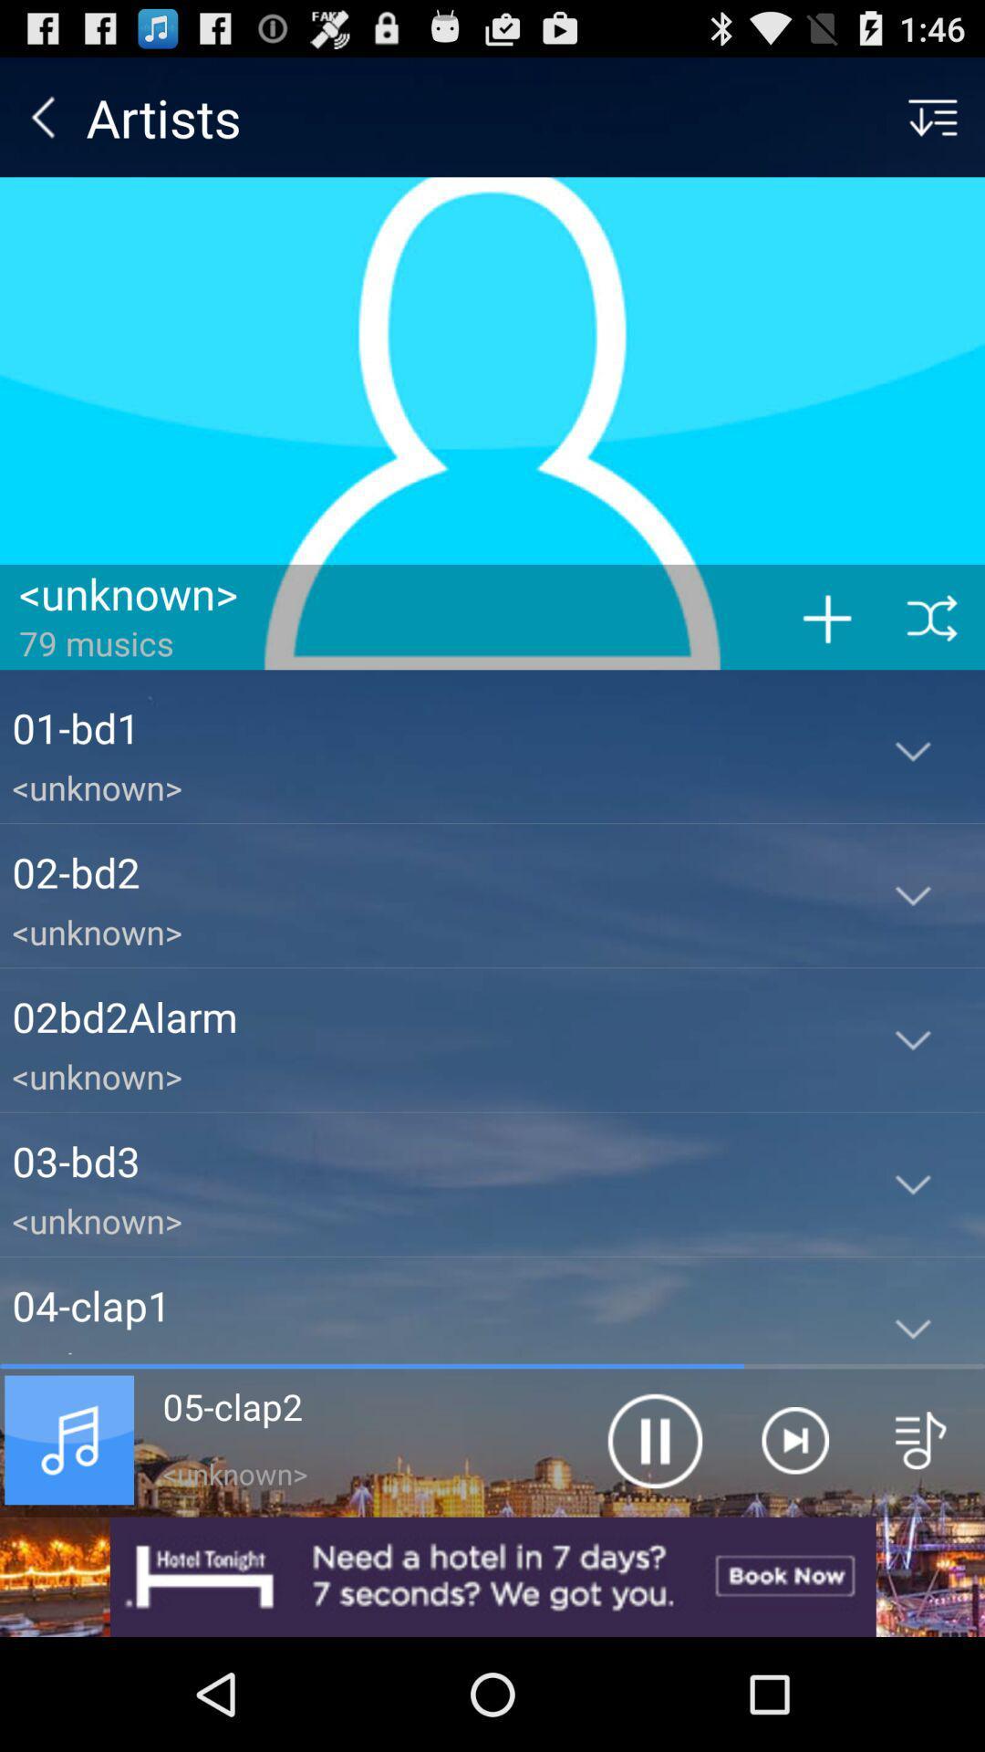 The width and height of the screenshot is (985, 1752). Describe the element at coordinates (42, 124) in the screenshot. I see `the arrow_backward icon` at that location.